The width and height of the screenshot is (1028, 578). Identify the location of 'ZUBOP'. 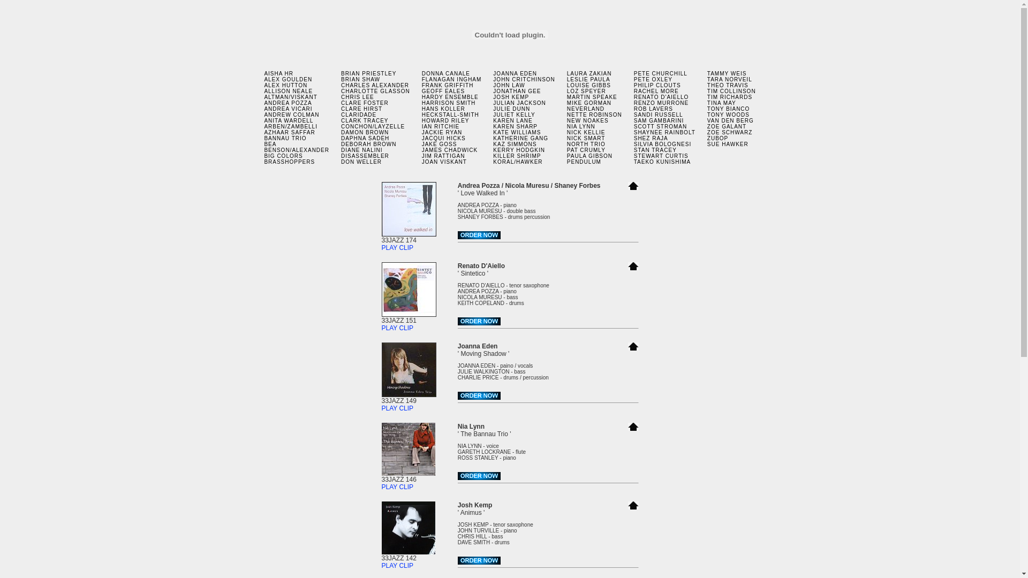
(717, 138).